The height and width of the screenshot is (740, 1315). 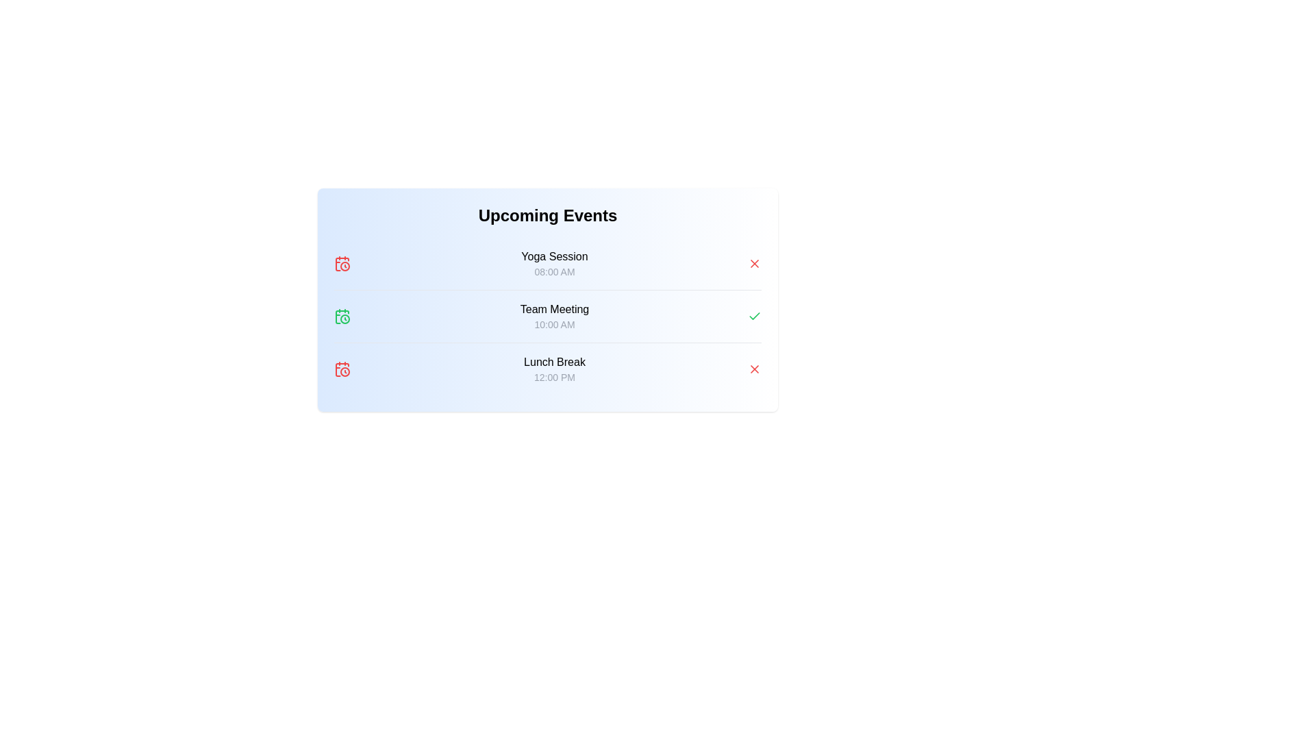 I want to click on to select or interact with the 'Team Meeting' event details displayed in the second position of the vertical event list, so click(x=555, y=317).